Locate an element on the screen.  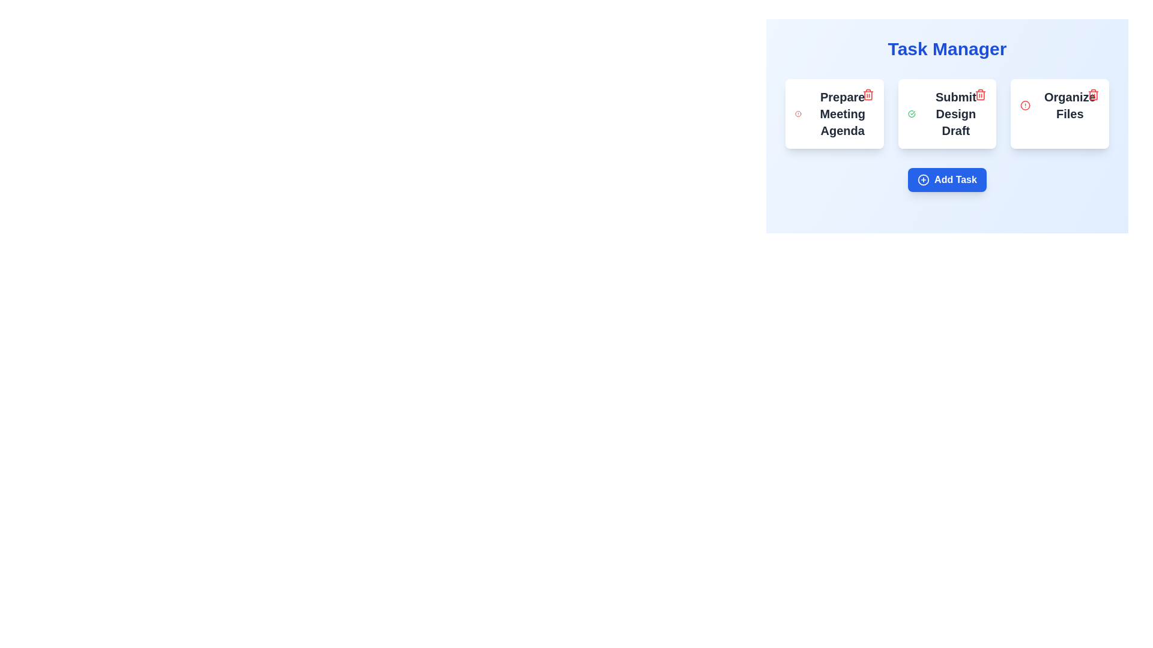
the circular graphical component with an arc-like shape, part of the green-stroked SVG checkmark icon located within the 'Submit Design Draft' task card in the central column of the task manager interface is located at coordinates (912, 113).